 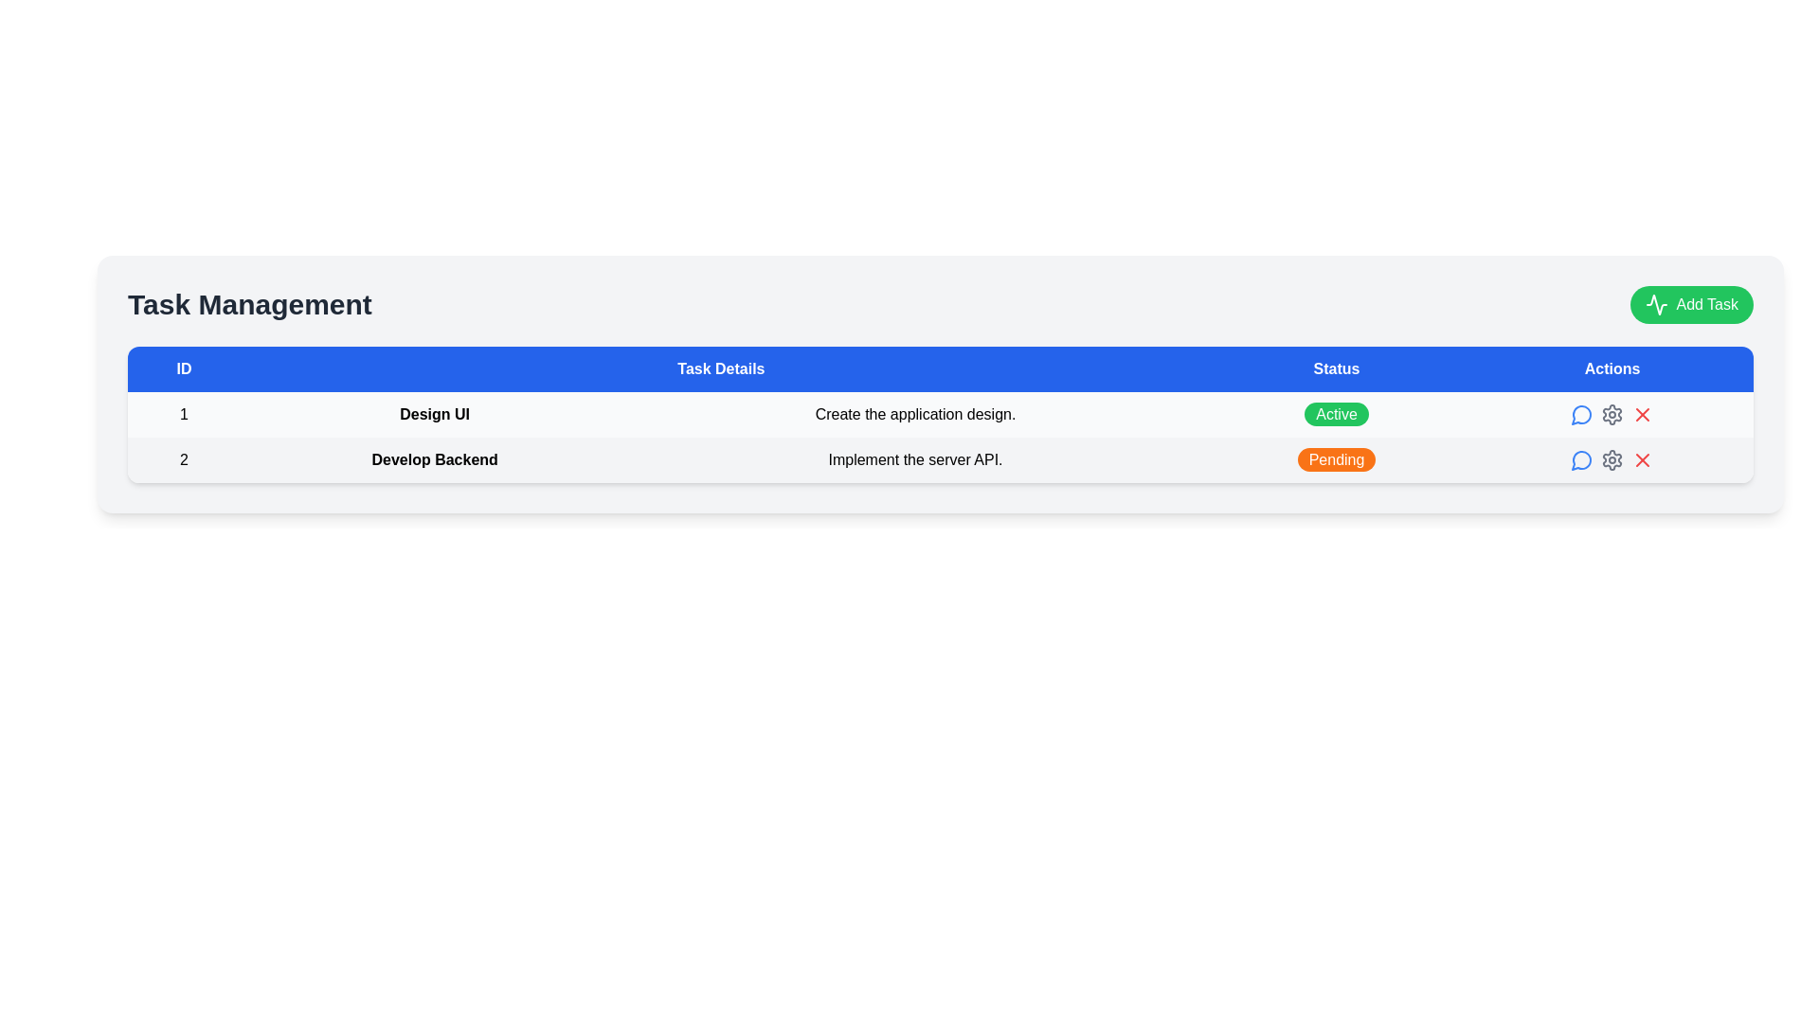 I want to click on the Text label in the 'Task Details' section, located in the third cell of the second row of the table, so click(x=915, y=460).